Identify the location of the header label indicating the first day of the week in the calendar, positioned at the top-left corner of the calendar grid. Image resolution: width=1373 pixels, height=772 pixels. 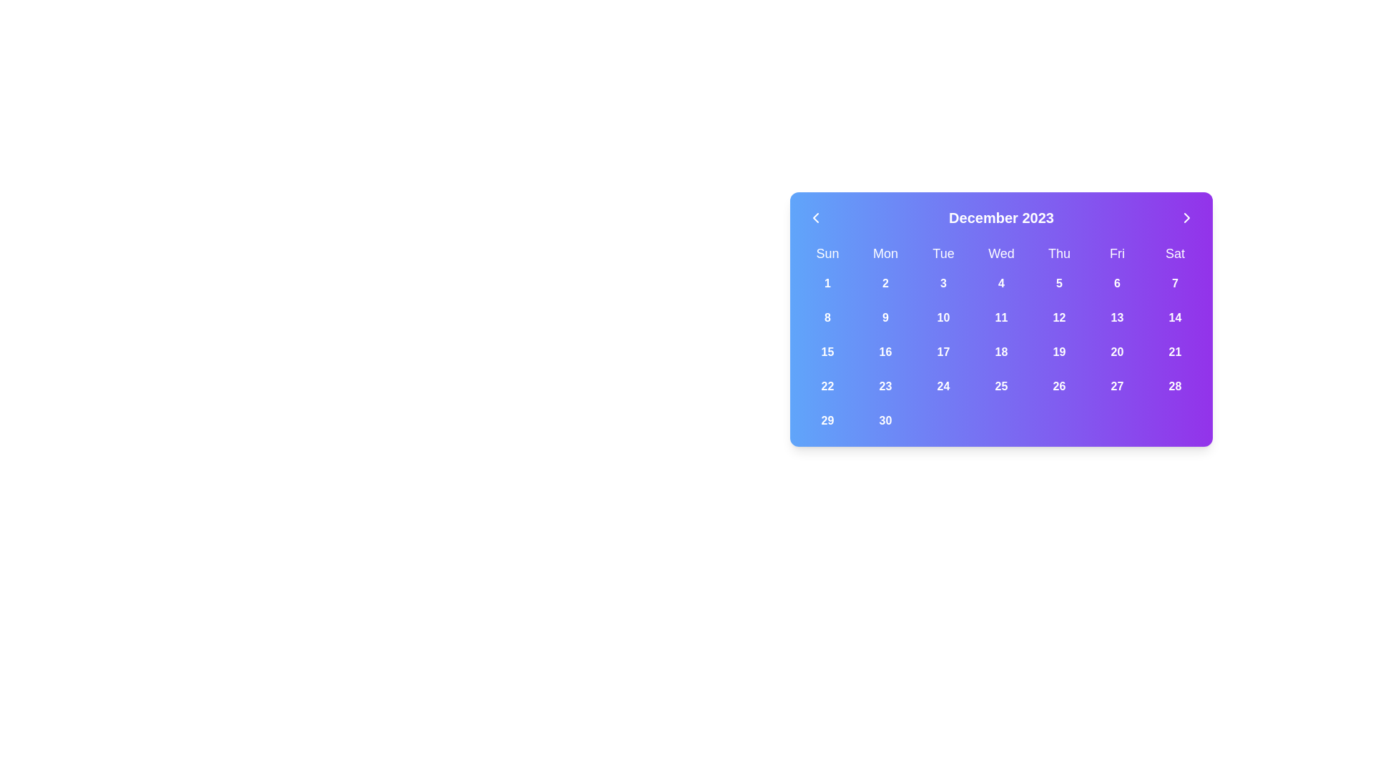
(827, 252).